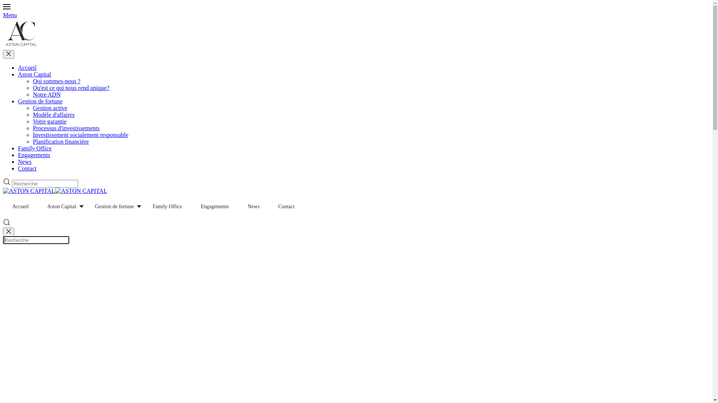 The width and height of the screenshot is (718, 403). Describe the element at coordinates (50, 108) in the screenshot. I see `'Gestion active'` at that location.